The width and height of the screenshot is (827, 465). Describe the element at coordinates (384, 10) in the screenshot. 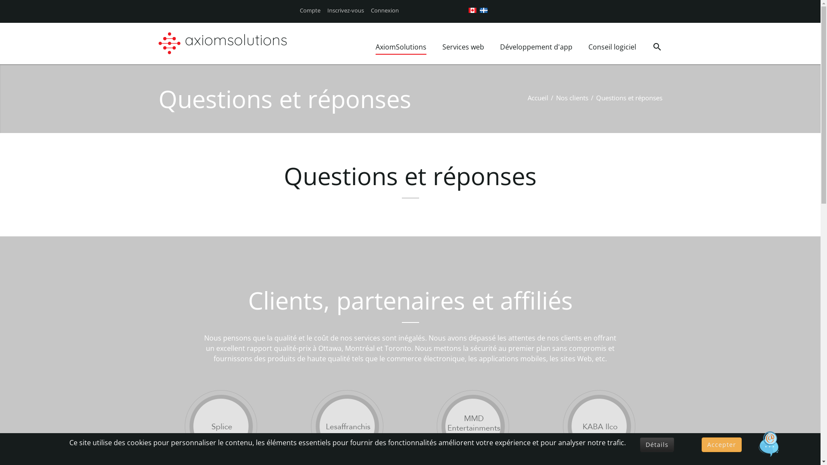

I see `'Connexion'` at that location.